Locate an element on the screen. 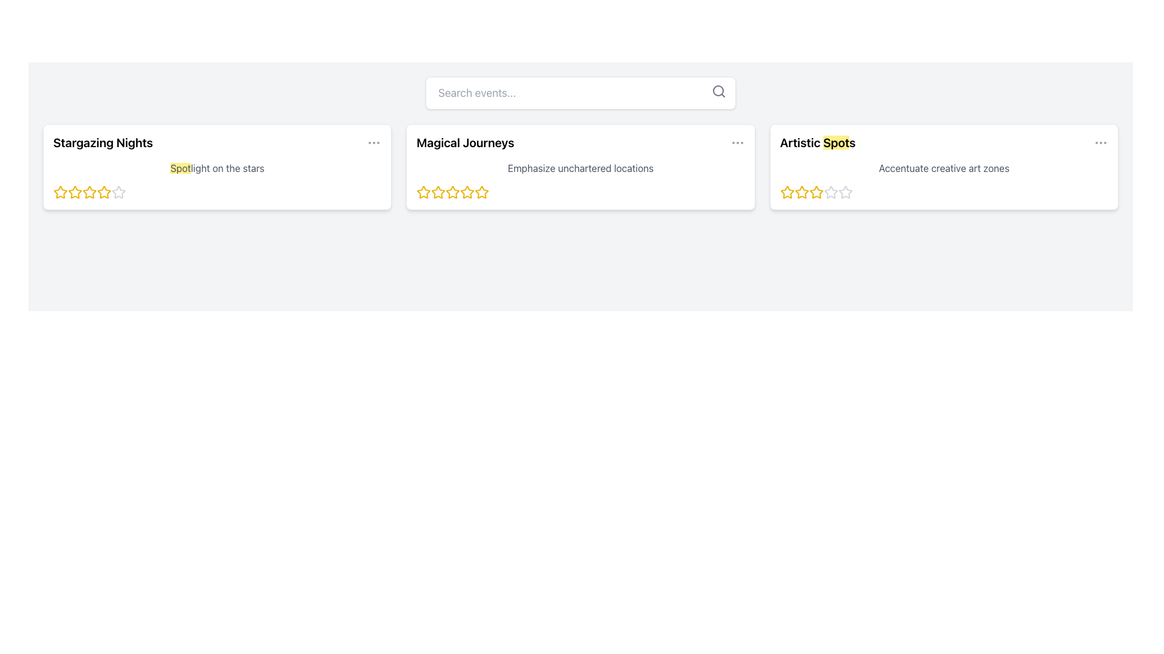  the card titled 'Magical Journeys', which is the second card in a layout of three cards, featuring a bold title, a subtitle, and a rating of five yellow stars is located at coordinates (580, 167).